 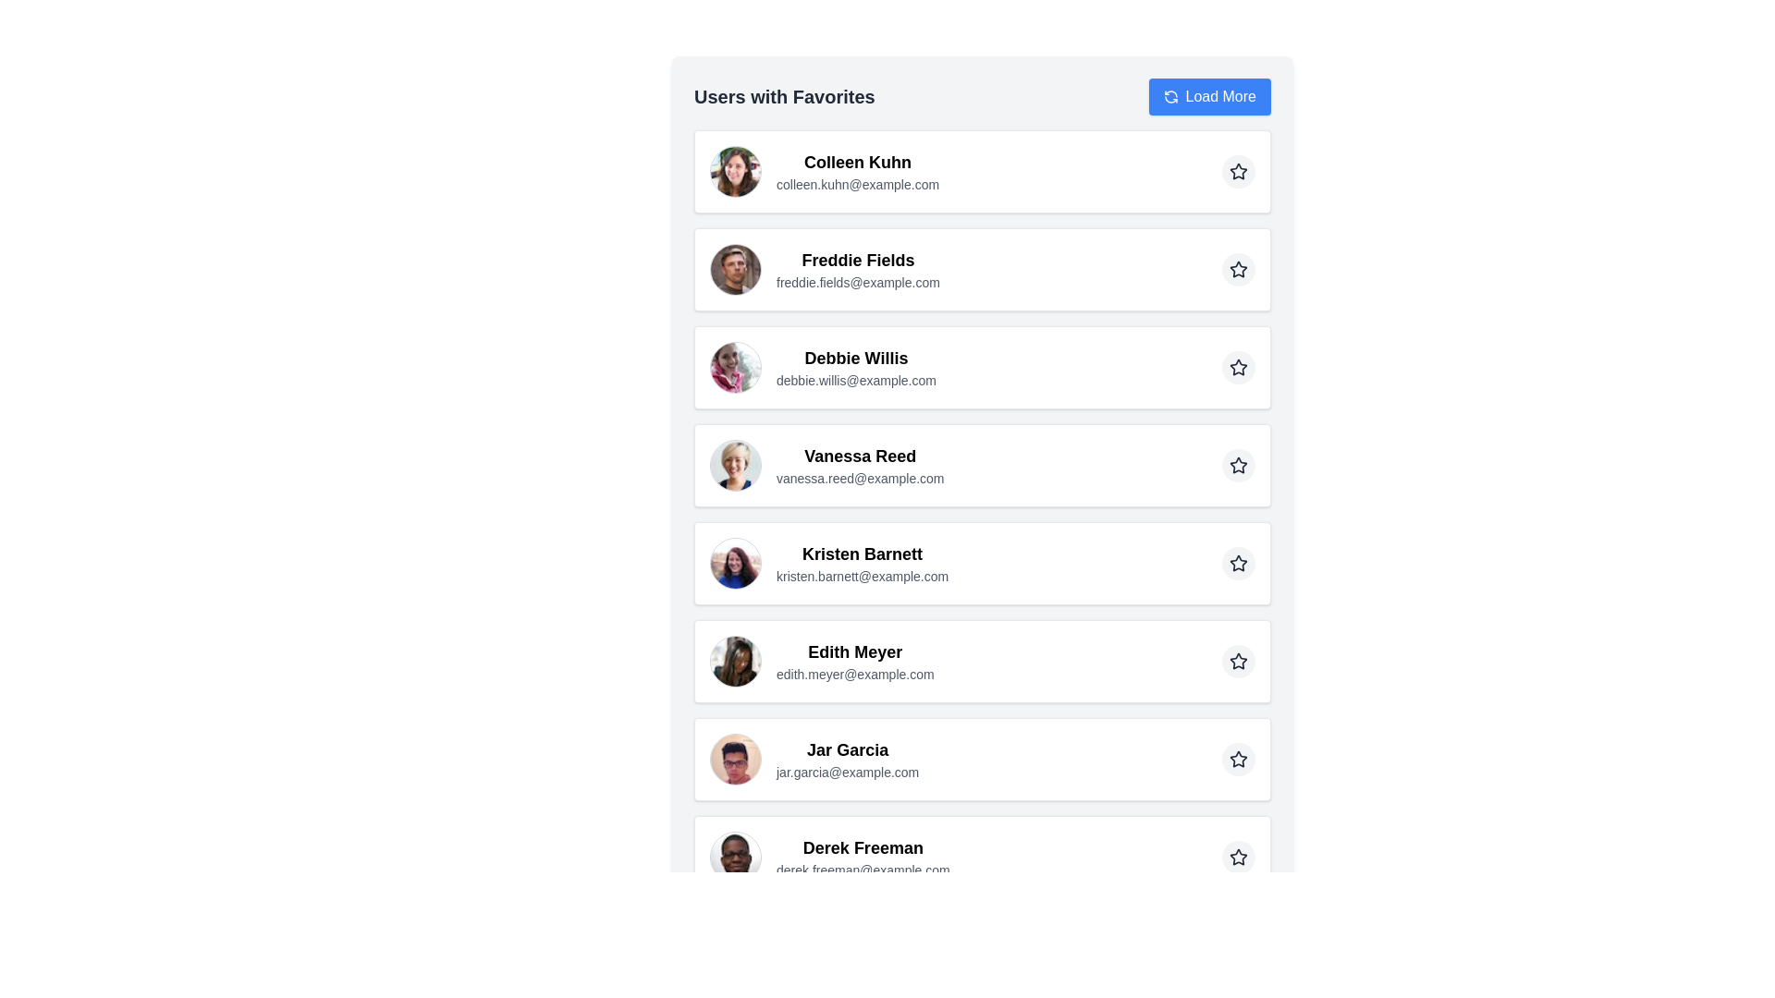 What do you see at coordinates (1238, 858) in the screenshot?
I see `the button with an icon to mark or favorite the user entry corresponding to 'Derek Freeman'` at bounding box center [1238, 858].